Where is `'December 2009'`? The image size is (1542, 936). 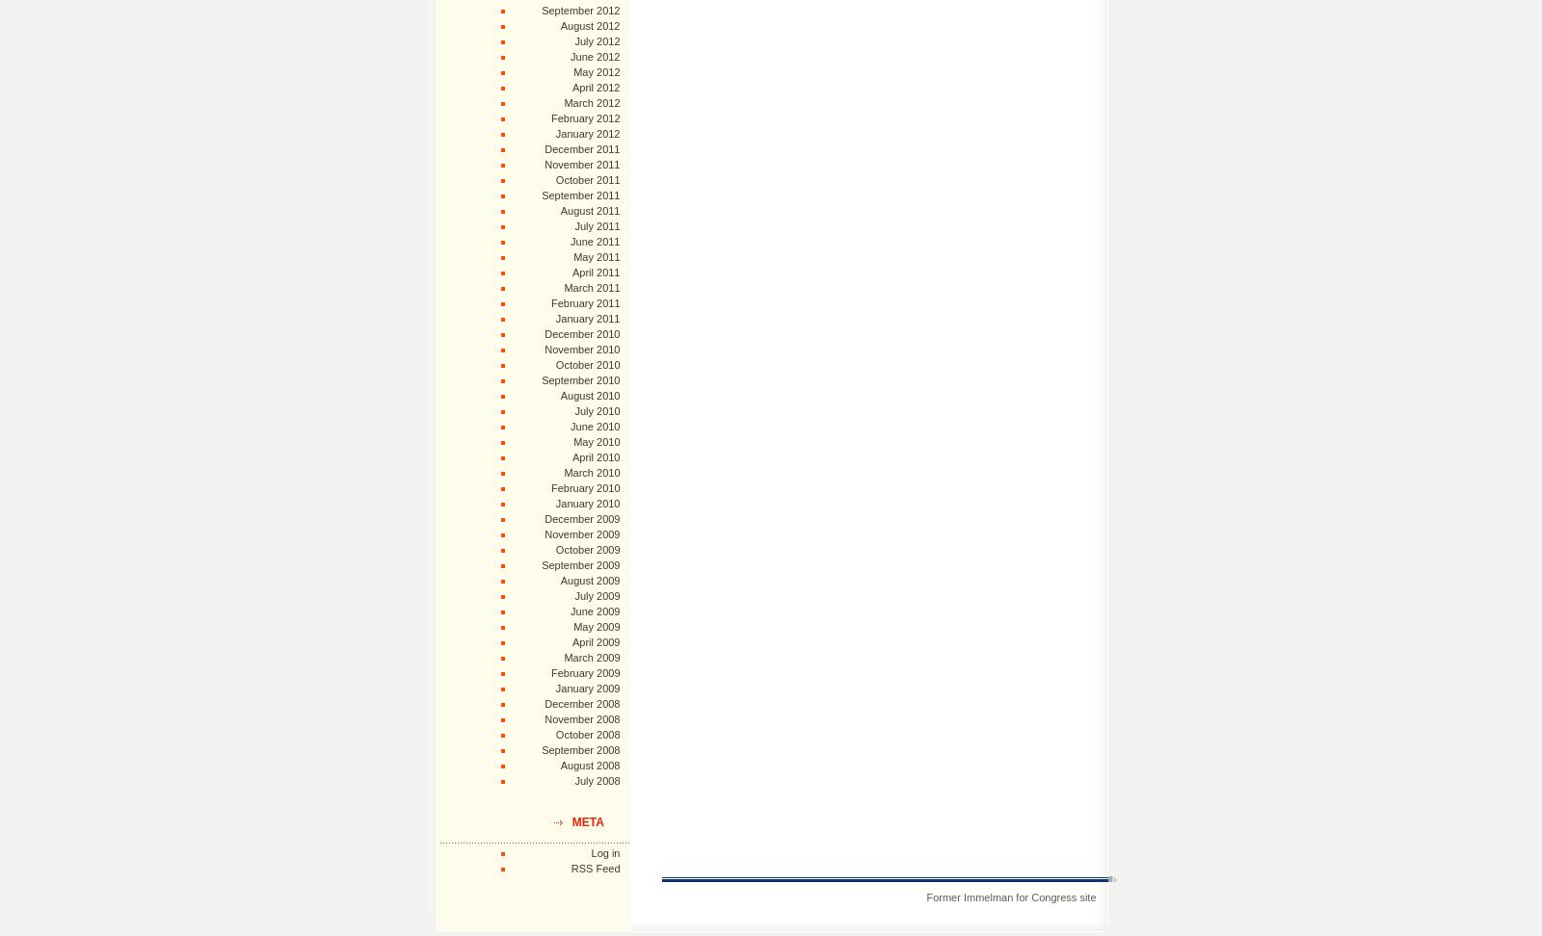
'December 2009' is located at coordinates (582, 518).